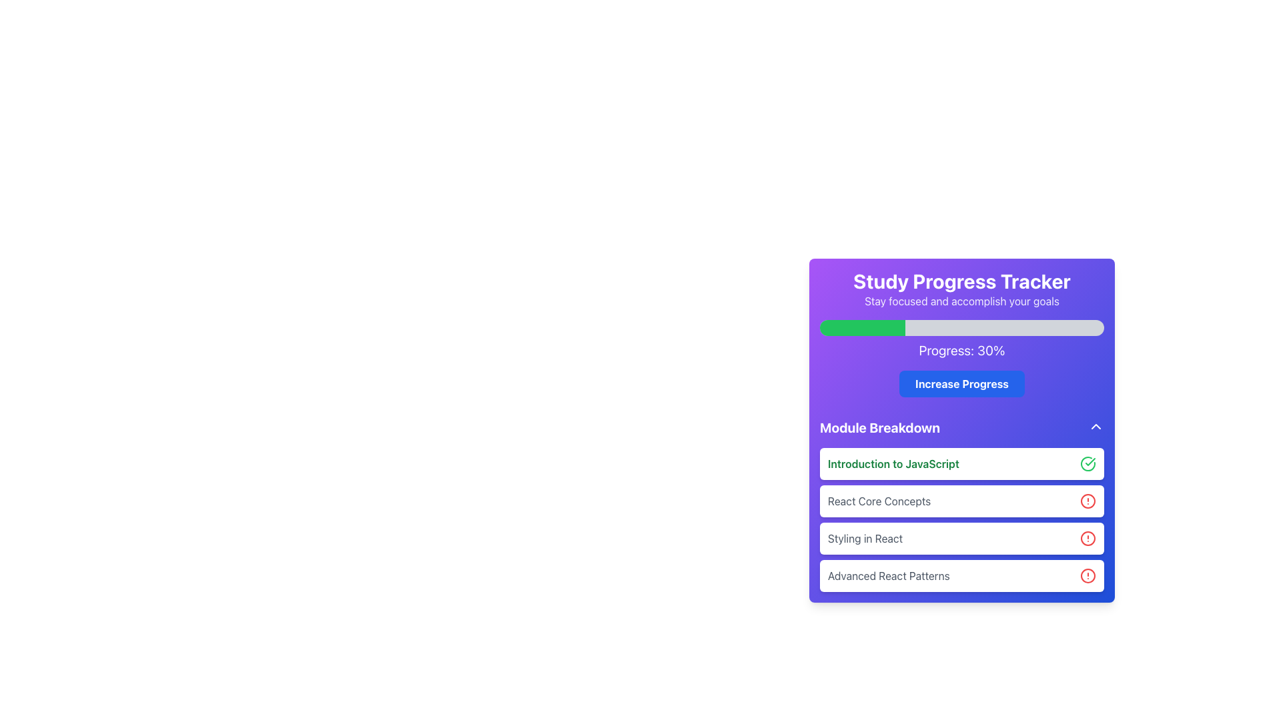 This screenshot has width=1281, height=720. What do you see at coordinates (862, 328) in the screenshot?
I see `the progress indicator representing 30% completion within the horizontally oriented progress bar located near the top of the card` at bounding box center [862, 328].